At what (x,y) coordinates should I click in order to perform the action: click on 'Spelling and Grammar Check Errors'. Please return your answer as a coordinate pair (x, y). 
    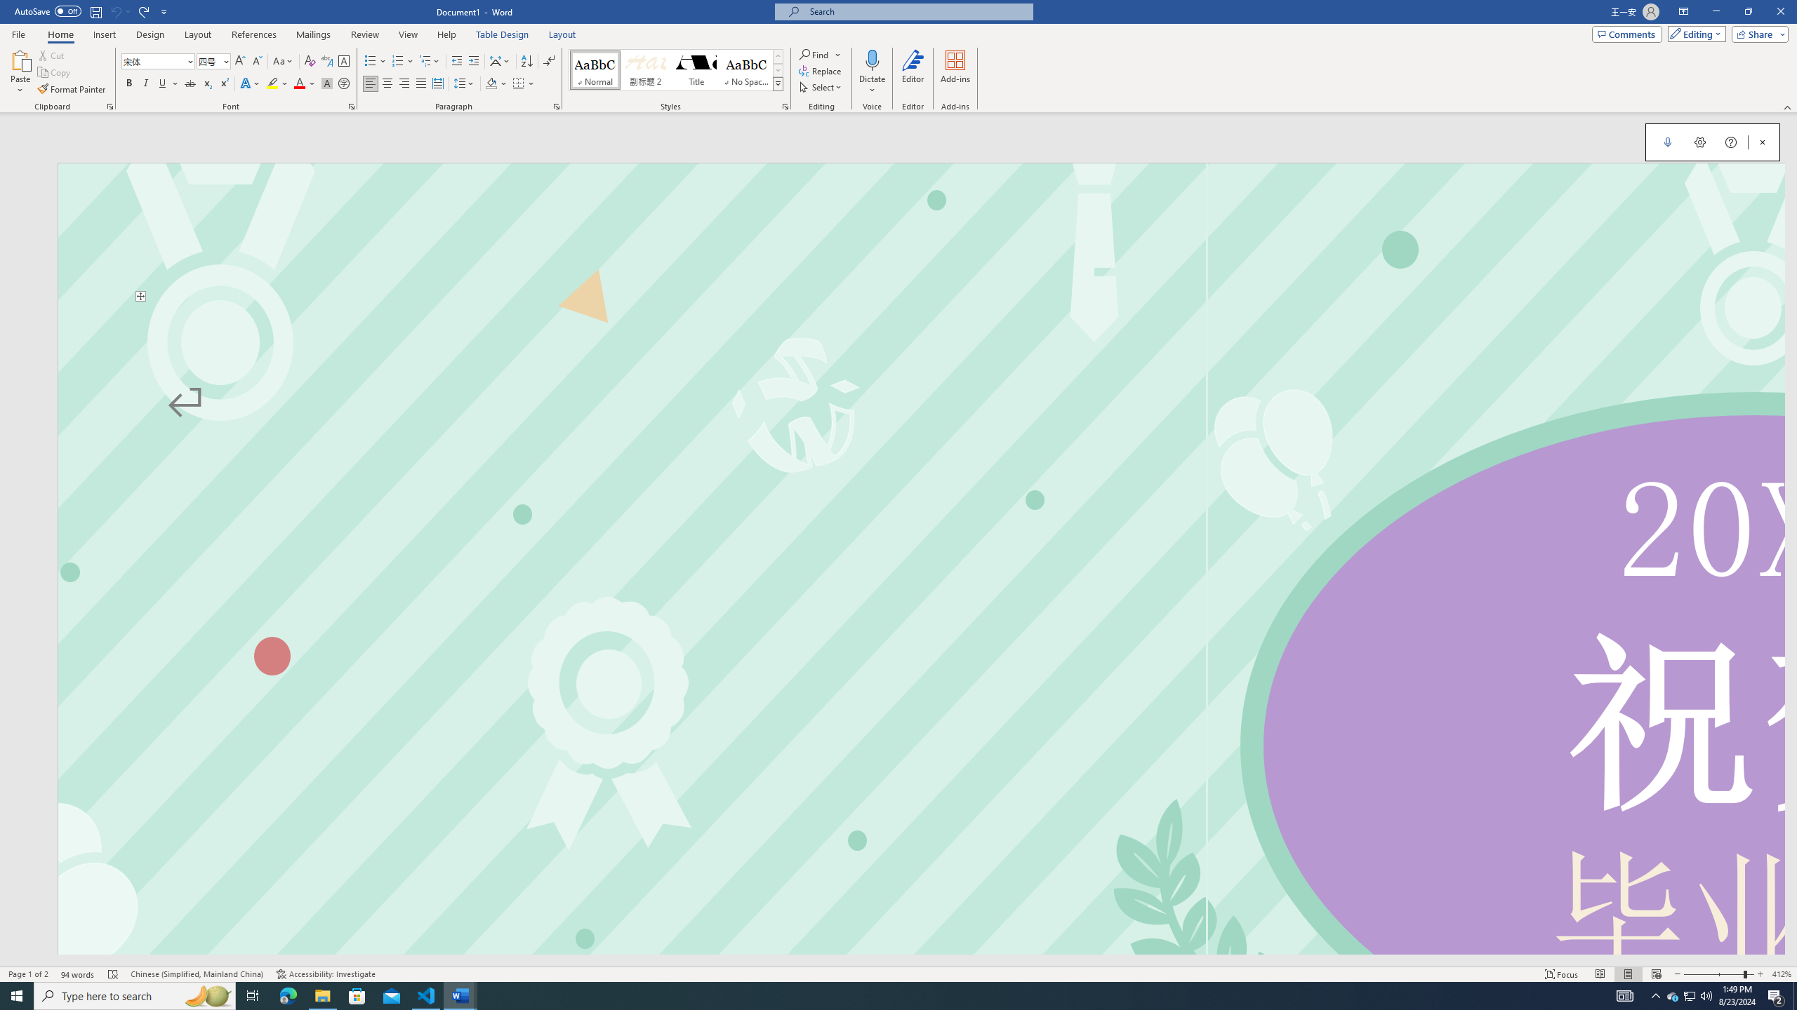
    Looking at the image, I should click on (114, 974).